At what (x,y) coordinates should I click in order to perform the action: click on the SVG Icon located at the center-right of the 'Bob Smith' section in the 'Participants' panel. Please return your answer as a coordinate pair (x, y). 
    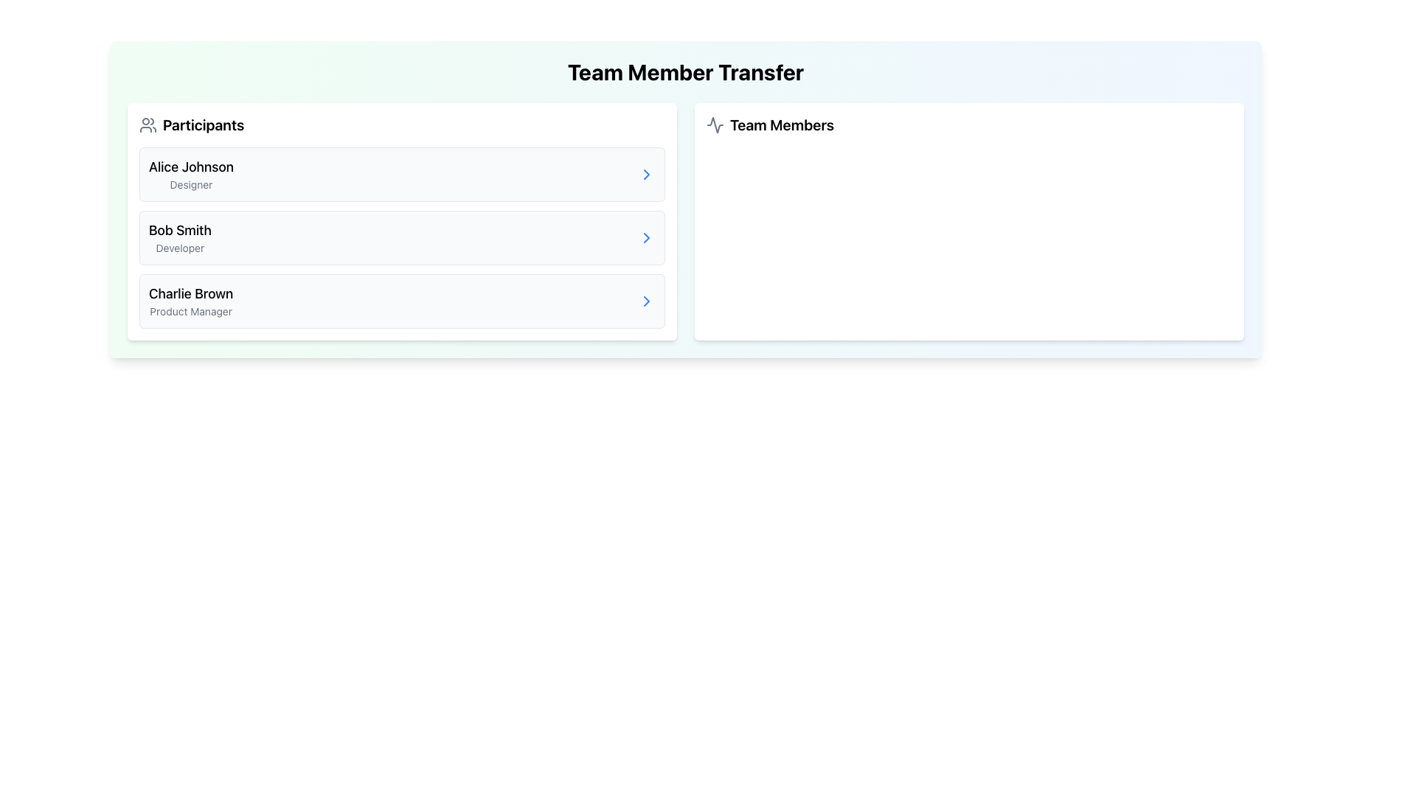
    Looking at the image, I should click on (647, 173).